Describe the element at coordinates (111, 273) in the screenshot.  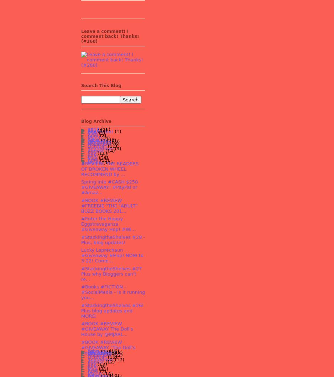
I see `'#StackingtheShelves #27 Plus why Bloggers can't re...'` at that location.